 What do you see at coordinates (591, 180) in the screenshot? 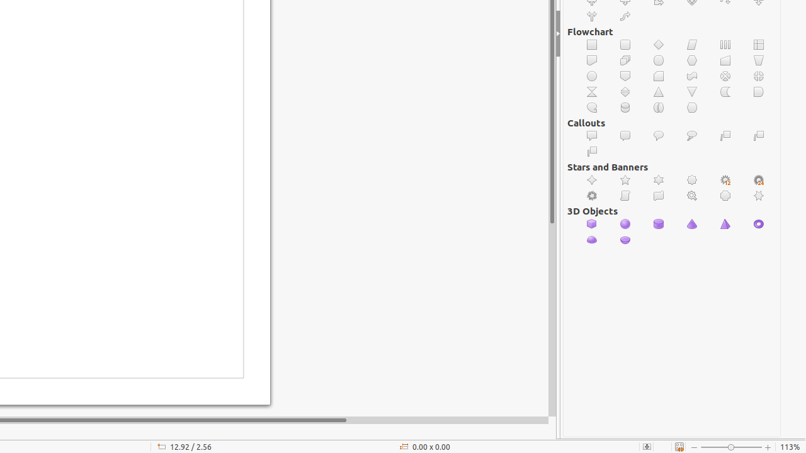
I see `'4-Point Star'` at bounding box center [591, 180].